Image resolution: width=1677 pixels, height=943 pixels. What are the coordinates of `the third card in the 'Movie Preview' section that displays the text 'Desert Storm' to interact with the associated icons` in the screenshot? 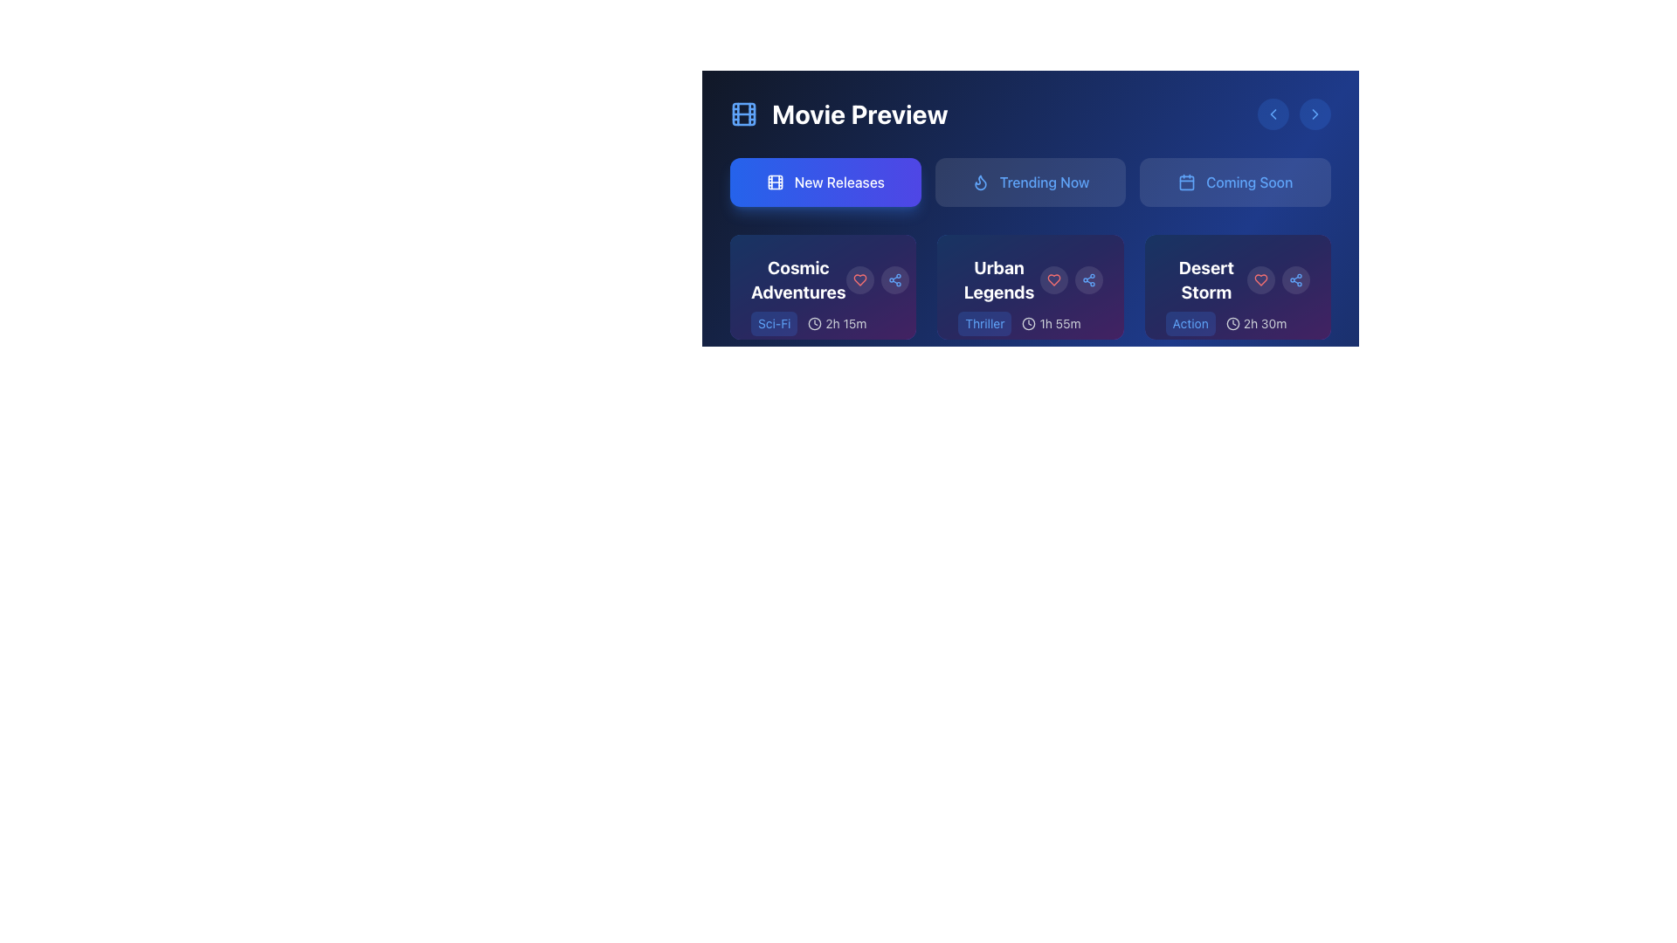 It's located at (1237, 316).